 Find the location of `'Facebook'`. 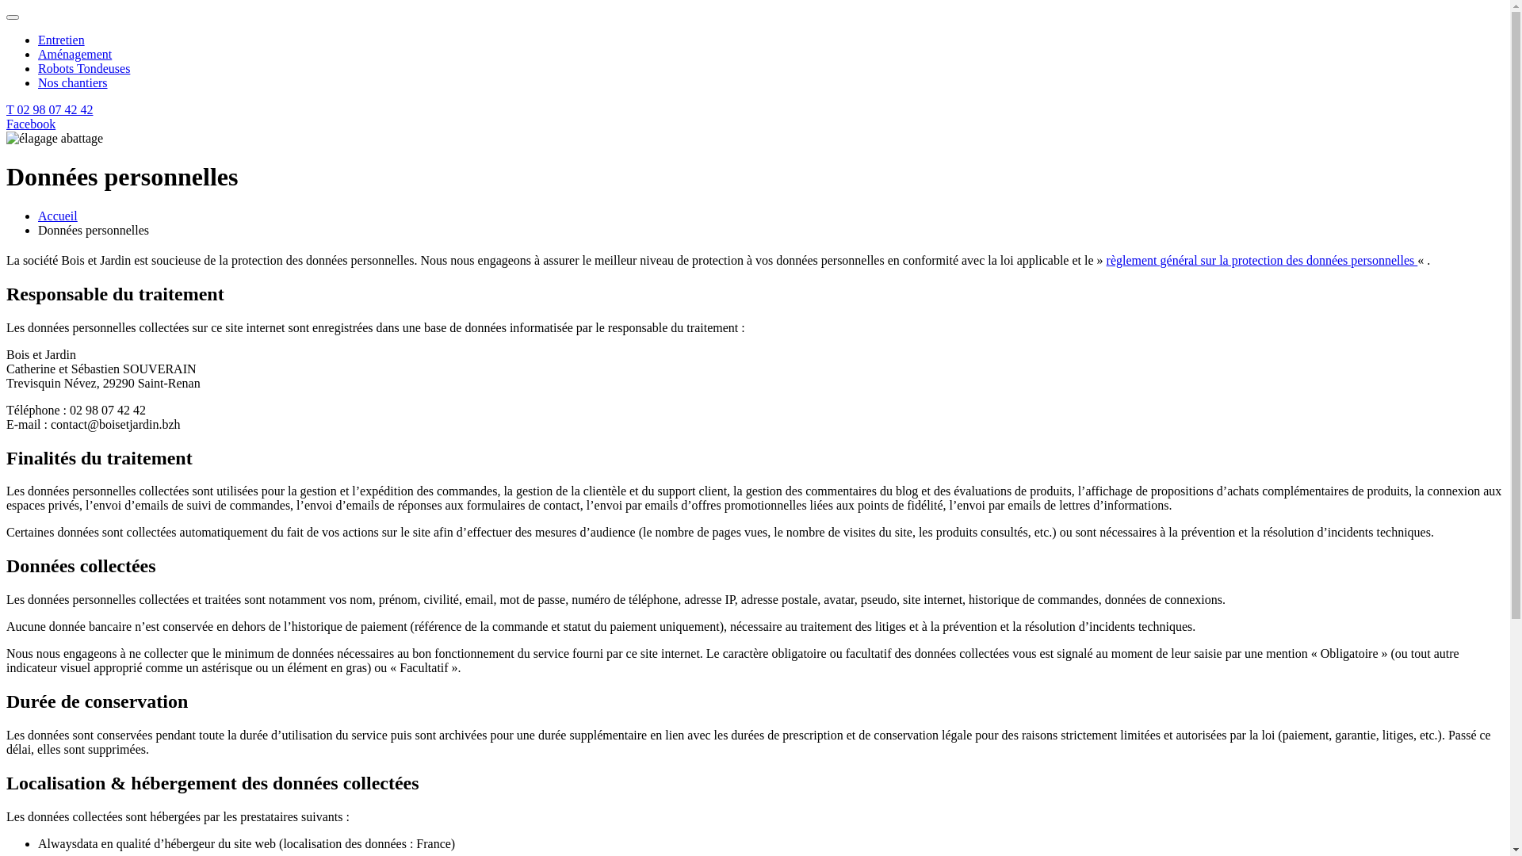

'Facebook' is located at coordinates (30, 123).